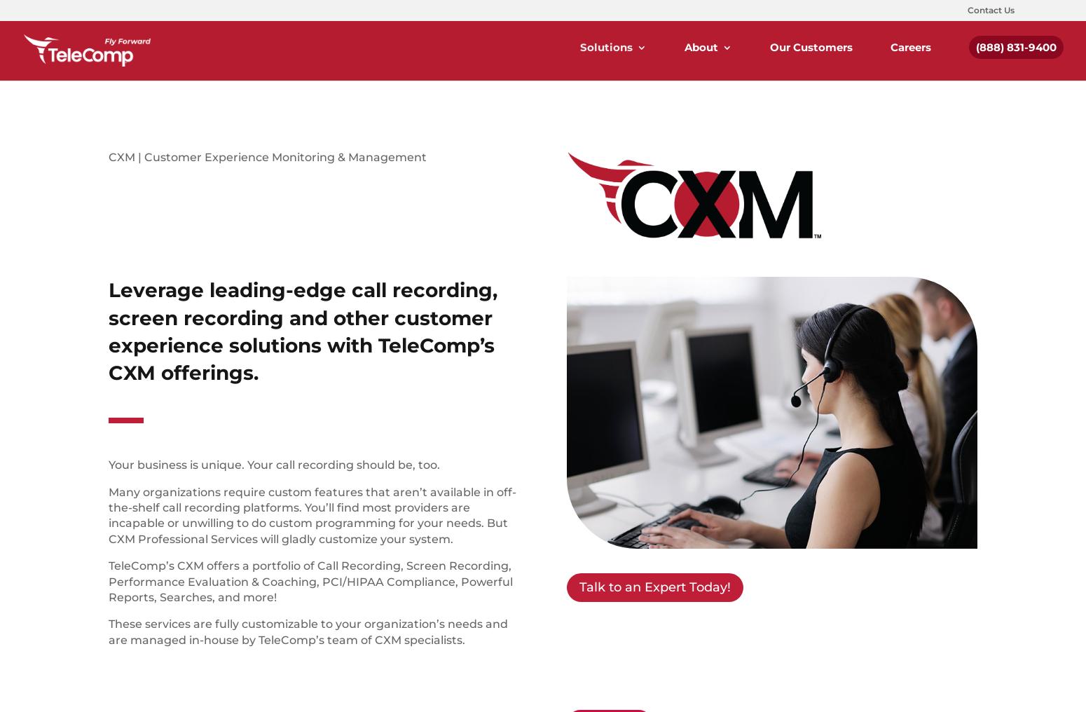 This screenshot has height=712, width=1086. What do you see at coordinates (308, 523) in the screenshot?
I see `'ost providers are incapable or unwilling to do custom programming for your needs. But CXM Professional Services will gladly customize your system.'` at bounding box center [308, 523].